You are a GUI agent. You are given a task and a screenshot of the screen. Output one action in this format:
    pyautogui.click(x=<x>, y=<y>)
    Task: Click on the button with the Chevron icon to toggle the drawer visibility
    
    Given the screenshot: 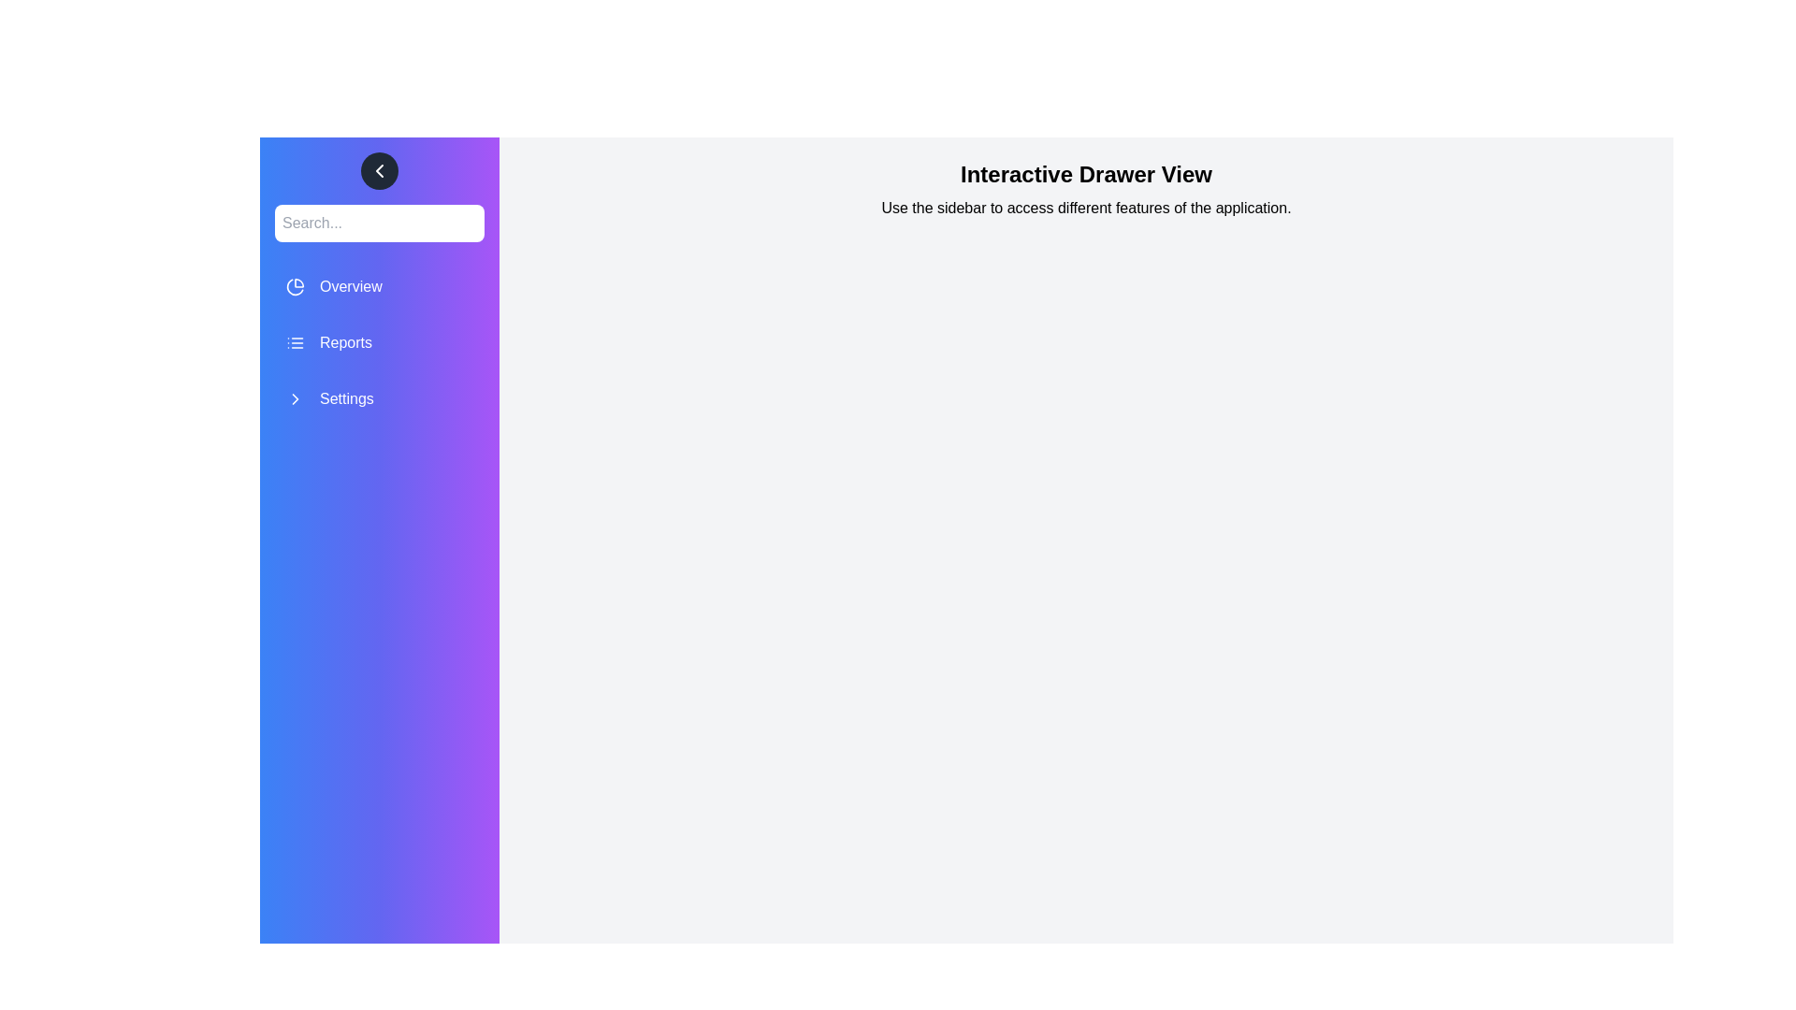 What is the action you would take?
    pyautogui.click(x=379, y=170)
    